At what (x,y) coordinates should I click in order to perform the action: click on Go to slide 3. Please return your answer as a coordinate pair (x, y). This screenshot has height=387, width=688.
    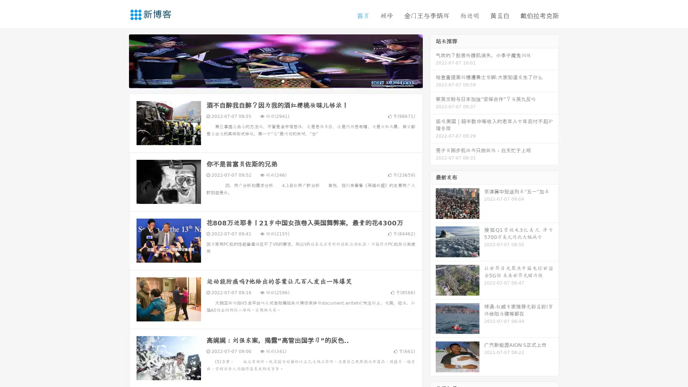
    Looking at the image, I should click on (283, 81).